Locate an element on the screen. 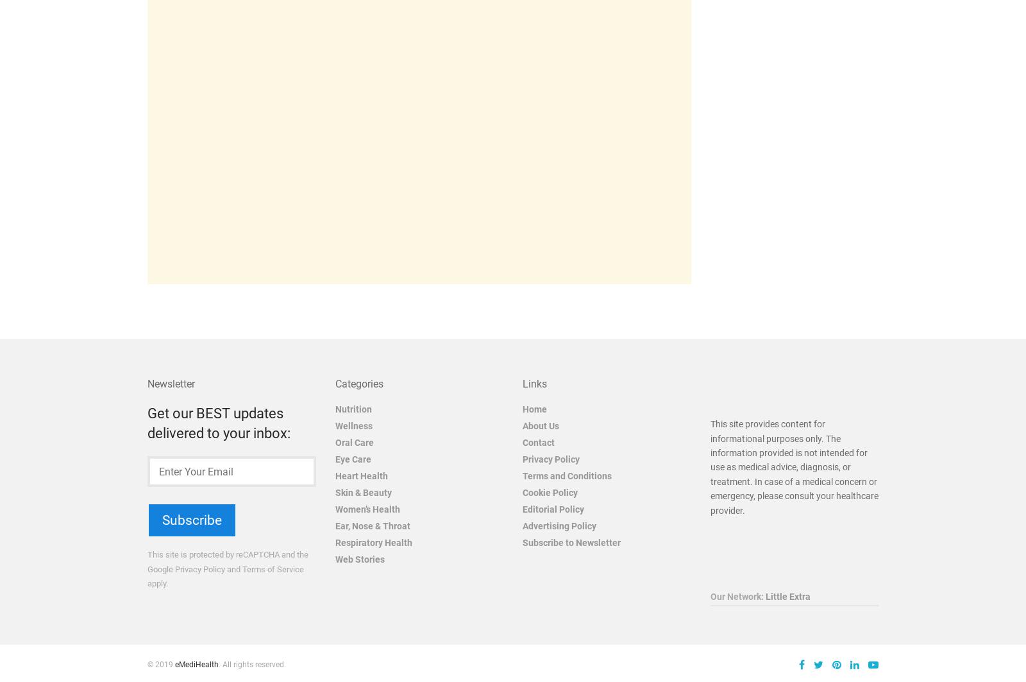 This screenshot has height=682, width=1026. 'Women’s Health' is located at coordinates (333, 508).